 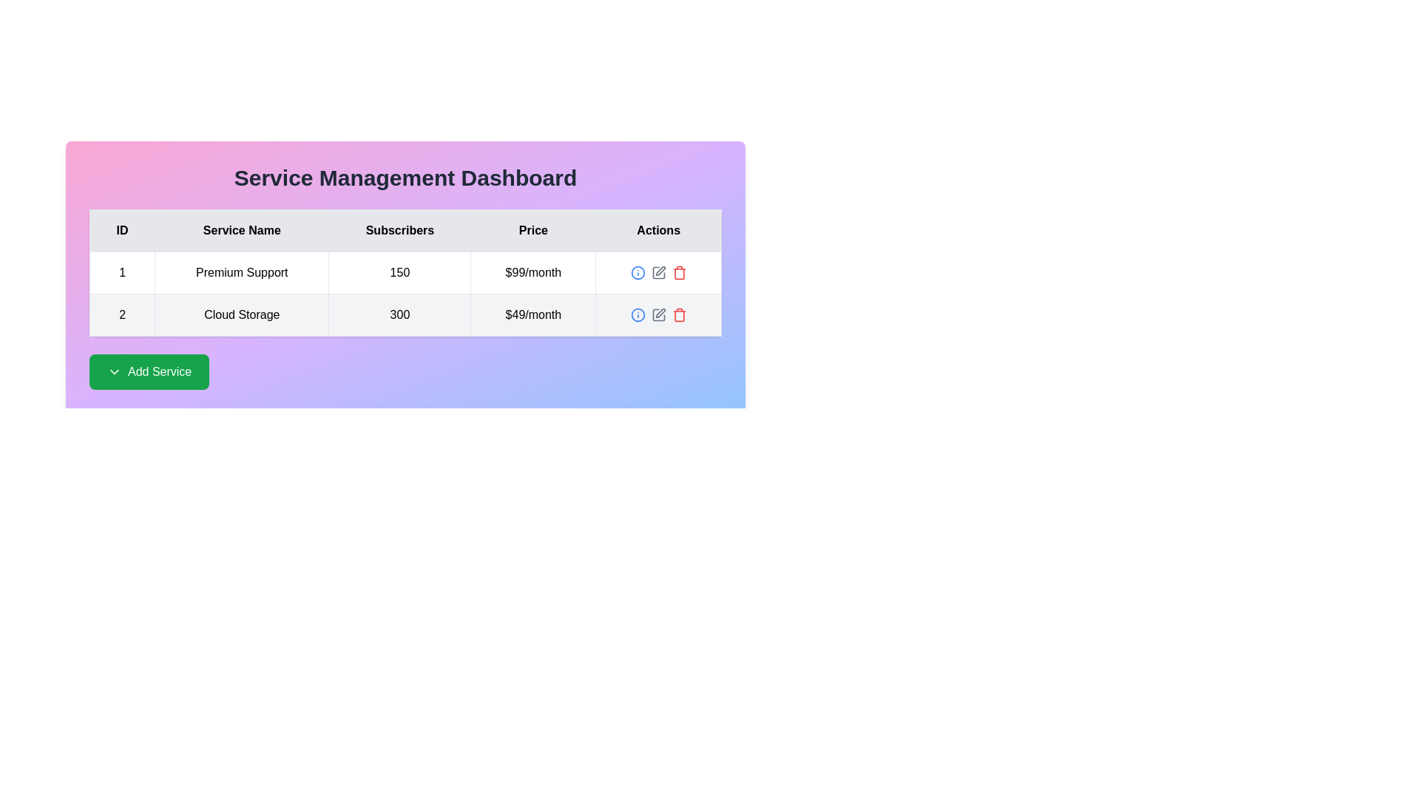 I want to click on the edit action icon located in the second row of the 'Actions' column in the 'Service Management Dashboard' table, so click(x=660, y=271).